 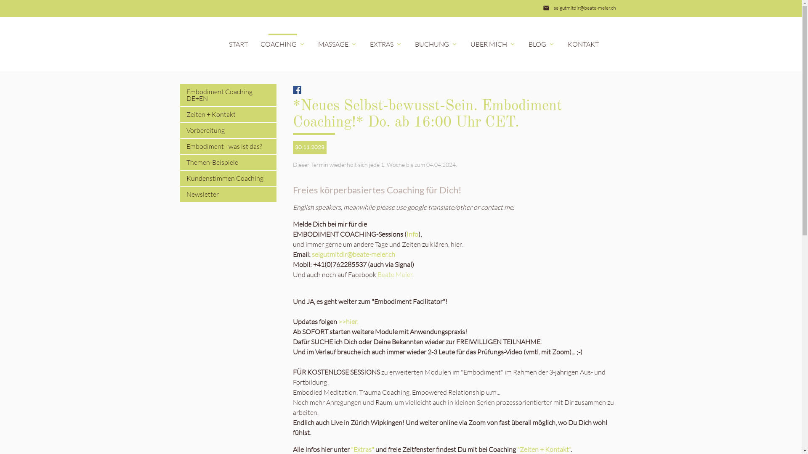 What do you see at coordinates (583, 44) in the screenshot?
I see `'KONTAKT'` at bounding box center [583, 44].